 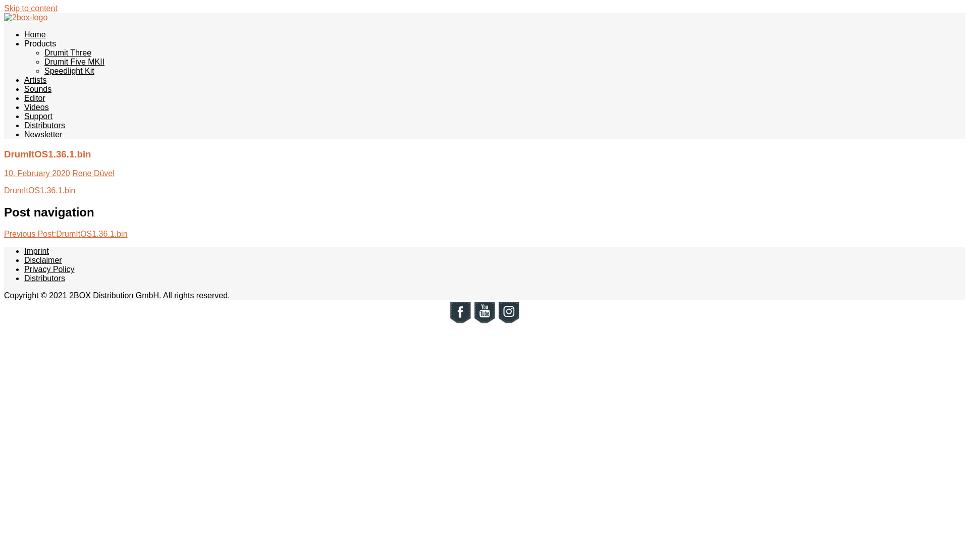 I want to click on 'Skip to content', so click(x=31, y=8).